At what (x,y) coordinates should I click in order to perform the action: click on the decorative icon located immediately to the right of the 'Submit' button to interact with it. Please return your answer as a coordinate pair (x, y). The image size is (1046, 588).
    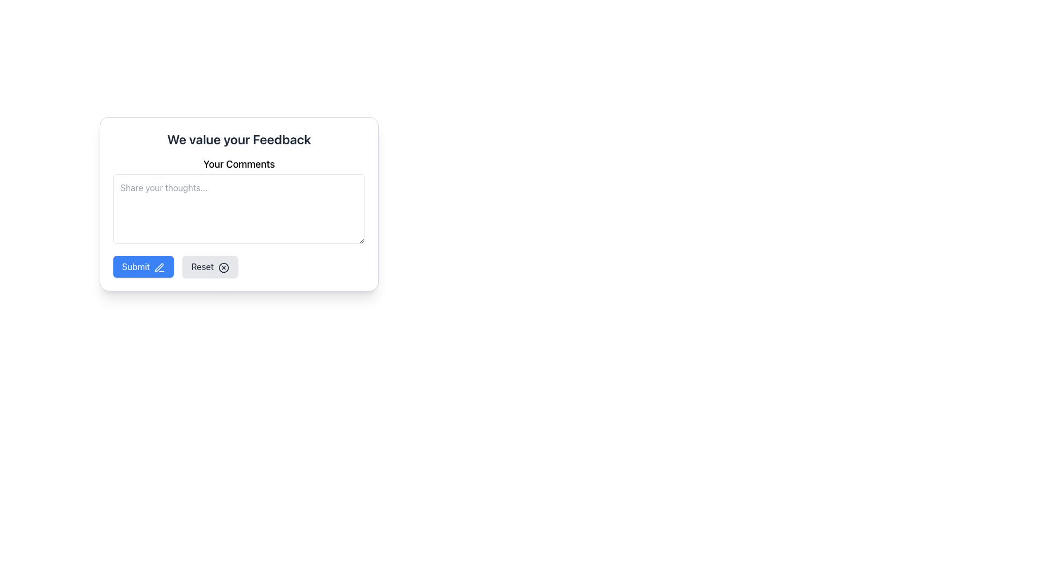
    Looking at the image, I should click on (159, 267).